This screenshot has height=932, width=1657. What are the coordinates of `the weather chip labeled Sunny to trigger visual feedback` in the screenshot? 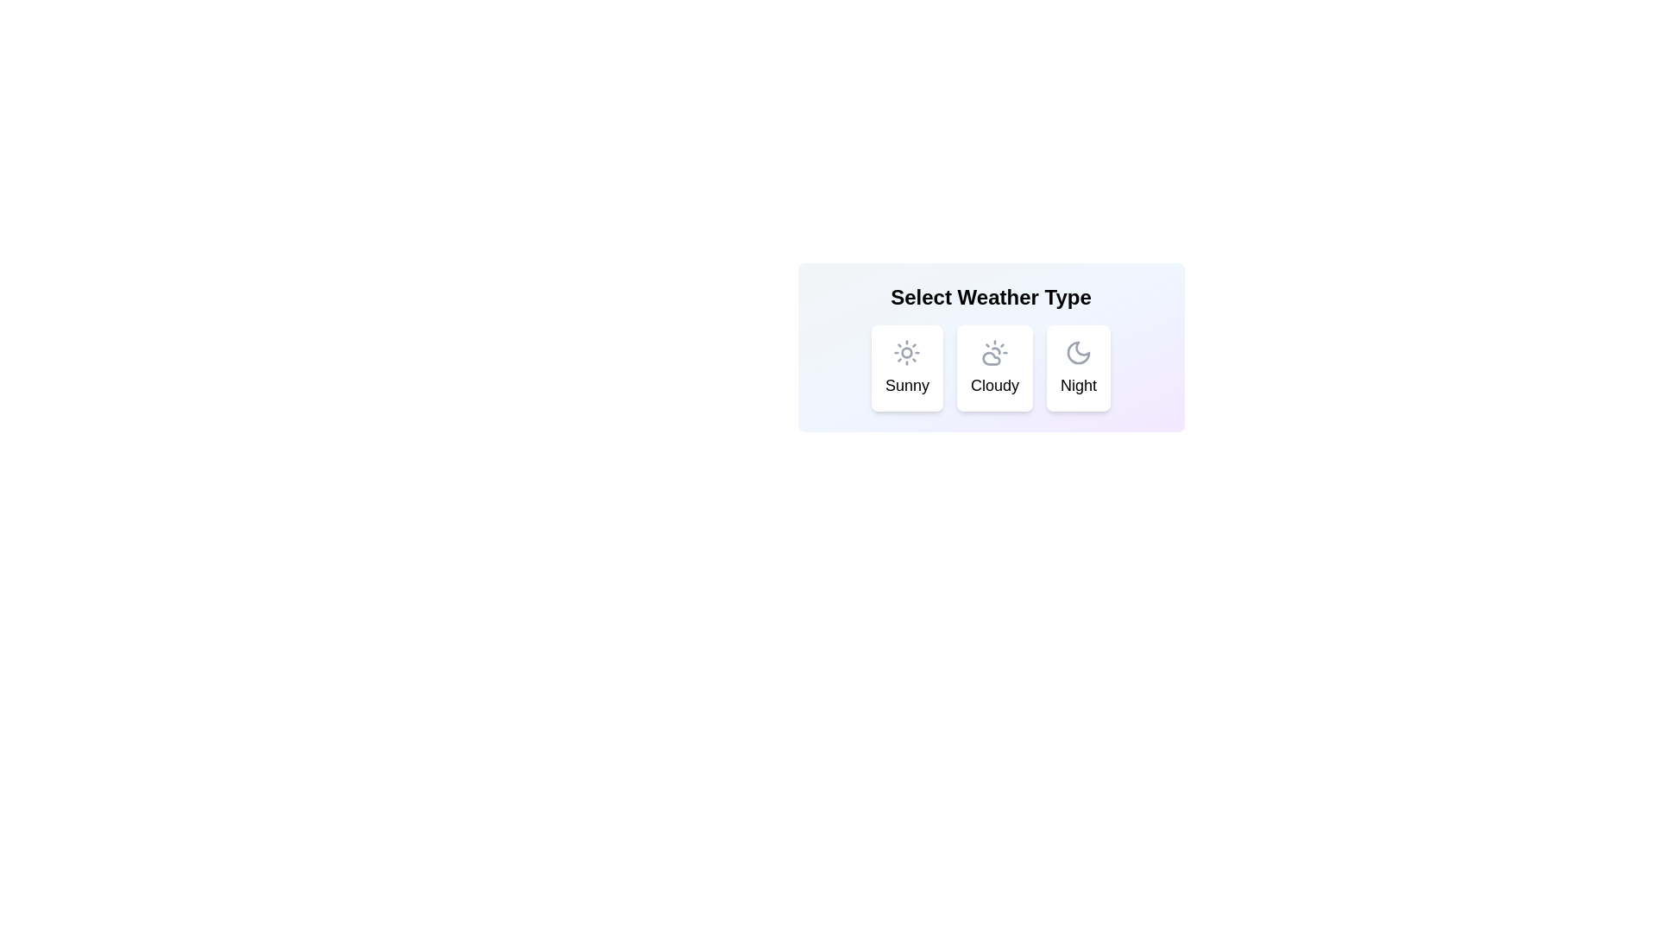 It's located at (906, 368).